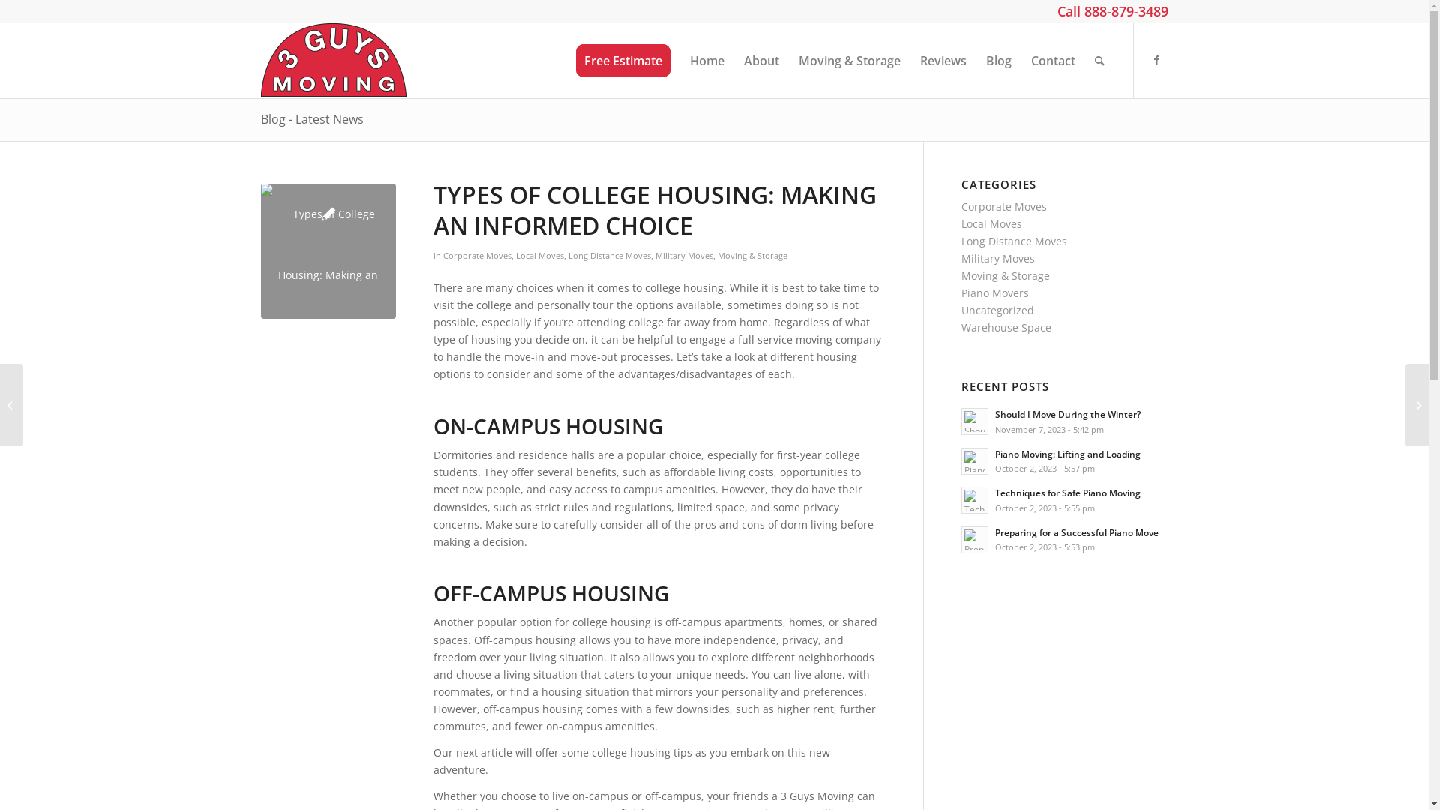  Describe the element at coordinates (564, 60) in the screenshot. I see `'Free Estimate'` at that location.